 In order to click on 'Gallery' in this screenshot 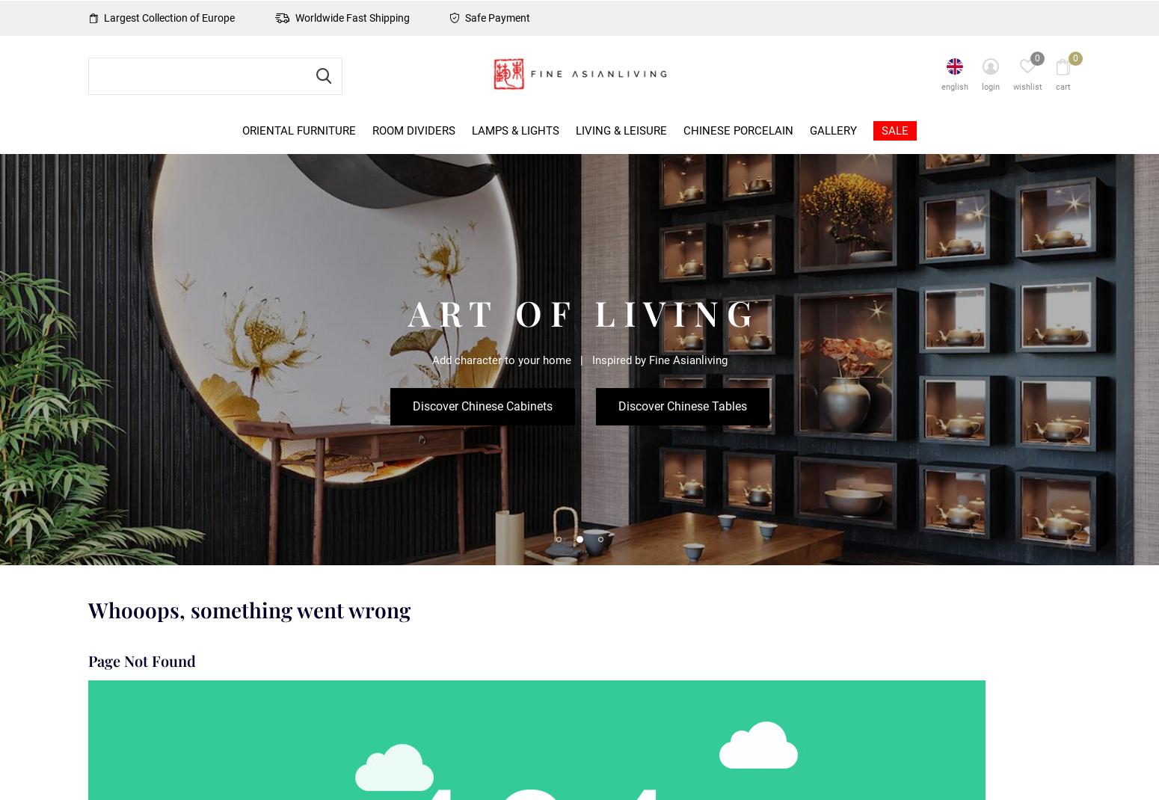, I will do `click(809, 129)`.